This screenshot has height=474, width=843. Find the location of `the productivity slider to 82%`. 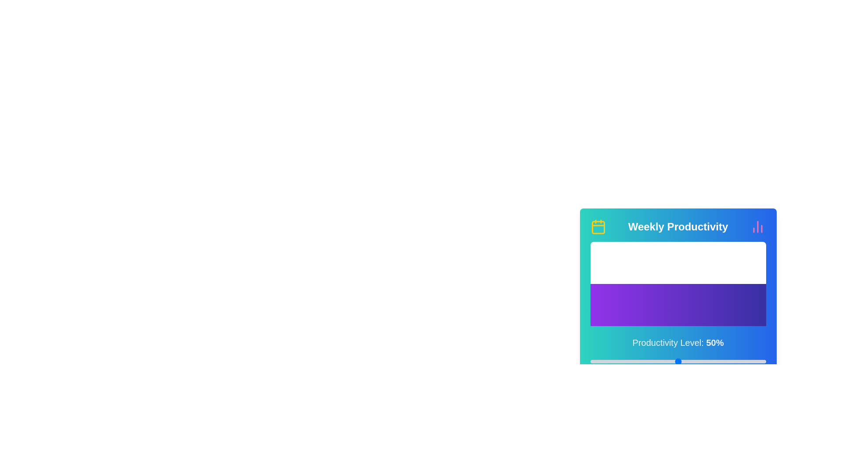

the productivity slider to 82% is located at coordinates (734, 362).